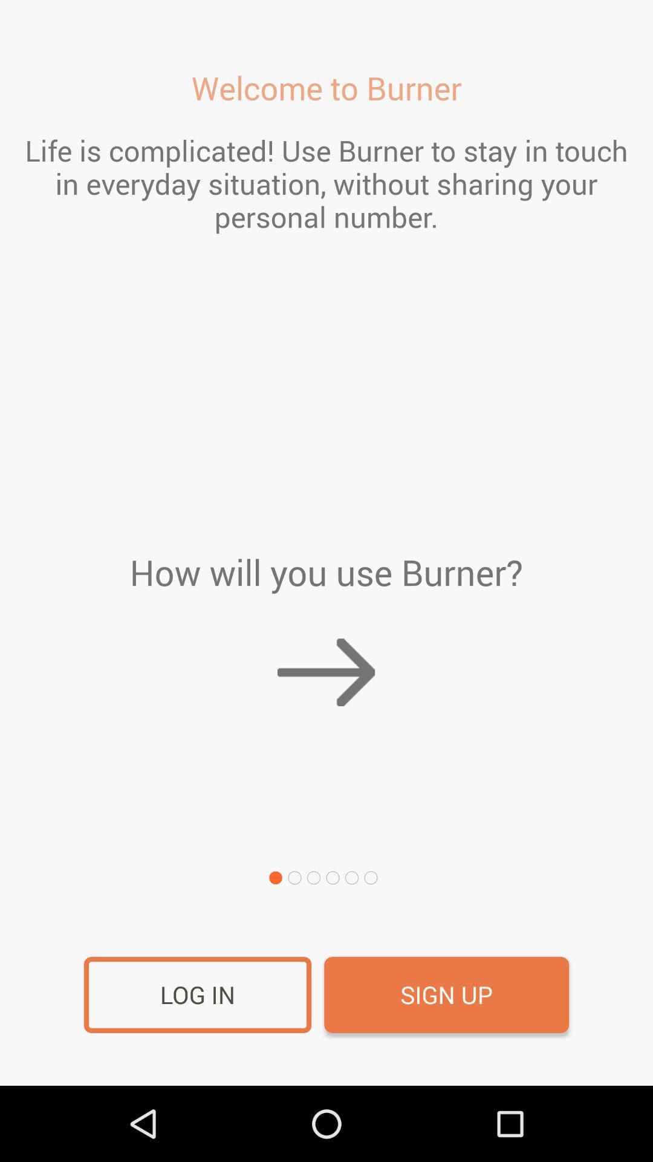 The height and width of the screenshot is (1162, 653). What do you see at coordinates (446, 995) in the screenshot?
I see `item to the right of the log in icon` at bounding box center [446, 995].